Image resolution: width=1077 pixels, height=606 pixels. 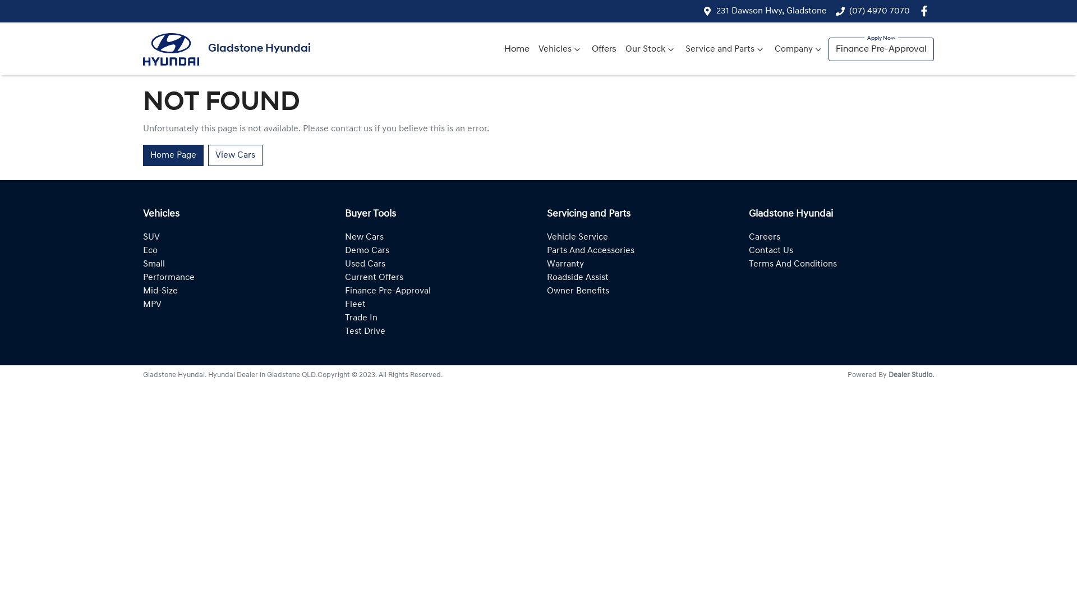 I want to click on '(07) 4970 7070', so click(x=879, y=11).